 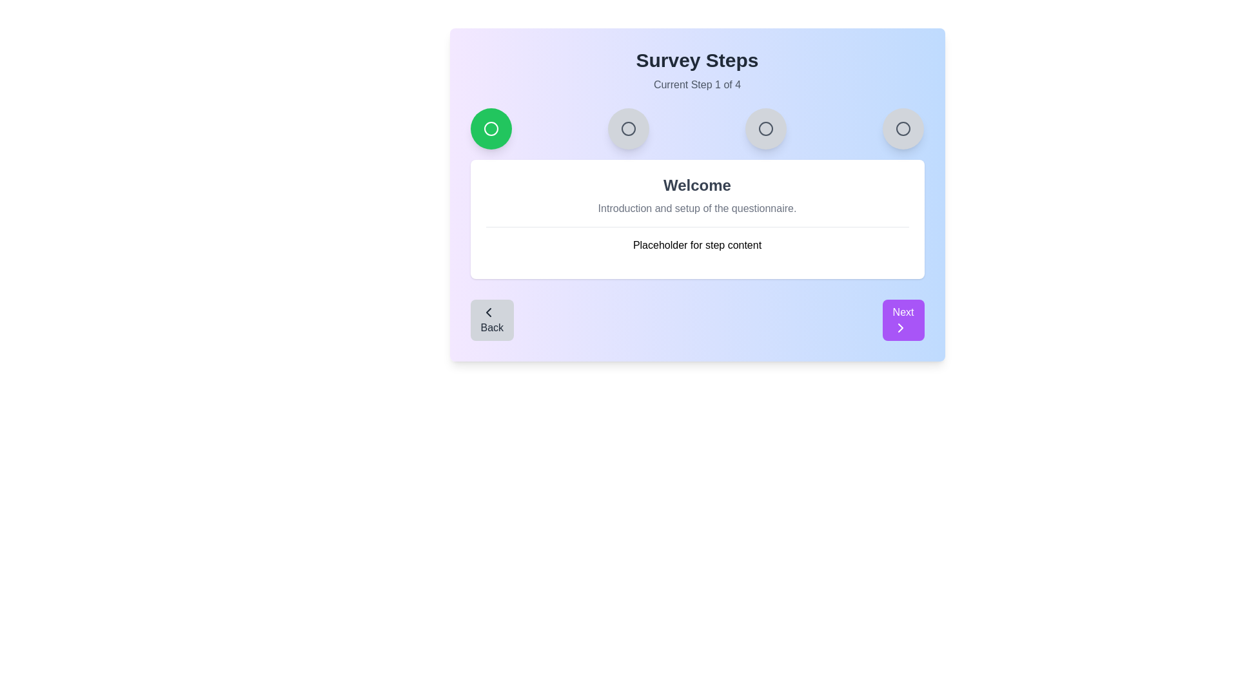 I want to click on the text label displaying 'Current Step 1 of 4', which is located directly below the 'Survey Steps' title and is centrally aligned, so click(x=696, y=84).